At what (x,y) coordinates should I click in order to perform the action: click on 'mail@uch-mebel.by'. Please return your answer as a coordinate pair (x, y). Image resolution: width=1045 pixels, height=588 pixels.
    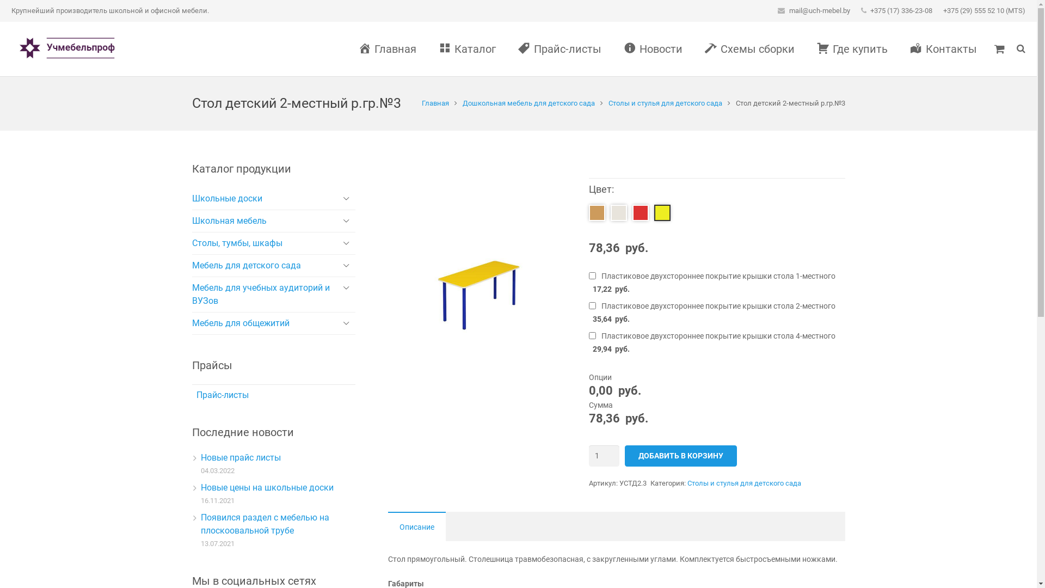
    Looking at the image, I should click on (820, 10).